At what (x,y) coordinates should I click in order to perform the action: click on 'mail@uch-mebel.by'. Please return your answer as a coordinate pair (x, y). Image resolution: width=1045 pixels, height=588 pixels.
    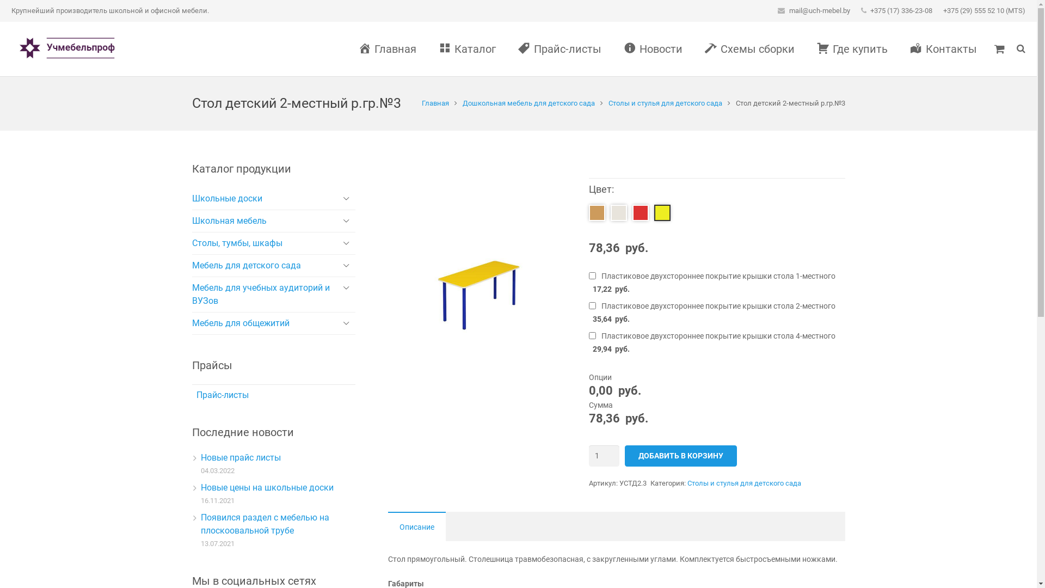
    Looking at the image, I should click on (820, 10).